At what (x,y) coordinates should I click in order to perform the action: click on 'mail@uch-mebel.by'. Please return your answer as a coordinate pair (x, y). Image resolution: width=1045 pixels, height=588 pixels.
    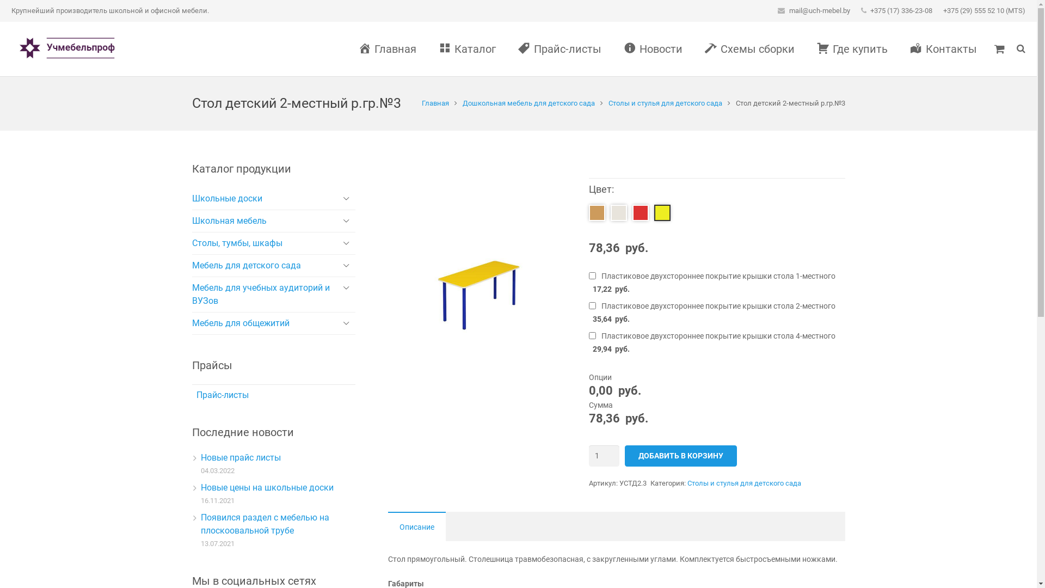
    Looking at the image, I should click on (820, 10).